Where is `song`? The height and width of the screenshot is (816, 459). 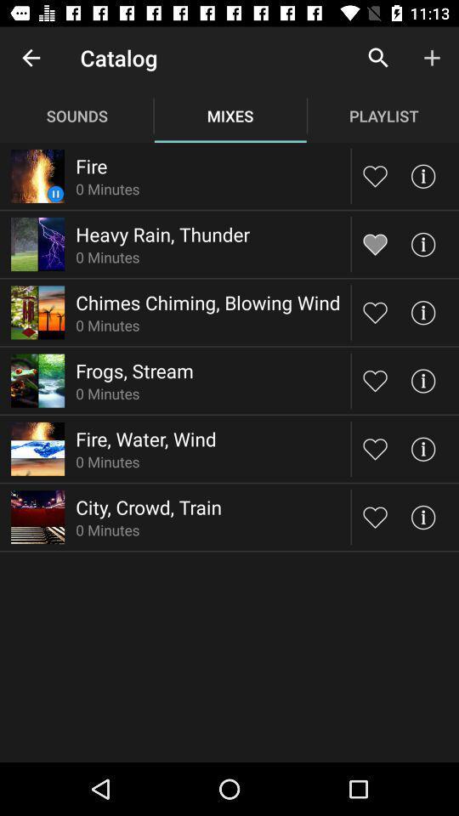
song is located at coordinates (375, 516).